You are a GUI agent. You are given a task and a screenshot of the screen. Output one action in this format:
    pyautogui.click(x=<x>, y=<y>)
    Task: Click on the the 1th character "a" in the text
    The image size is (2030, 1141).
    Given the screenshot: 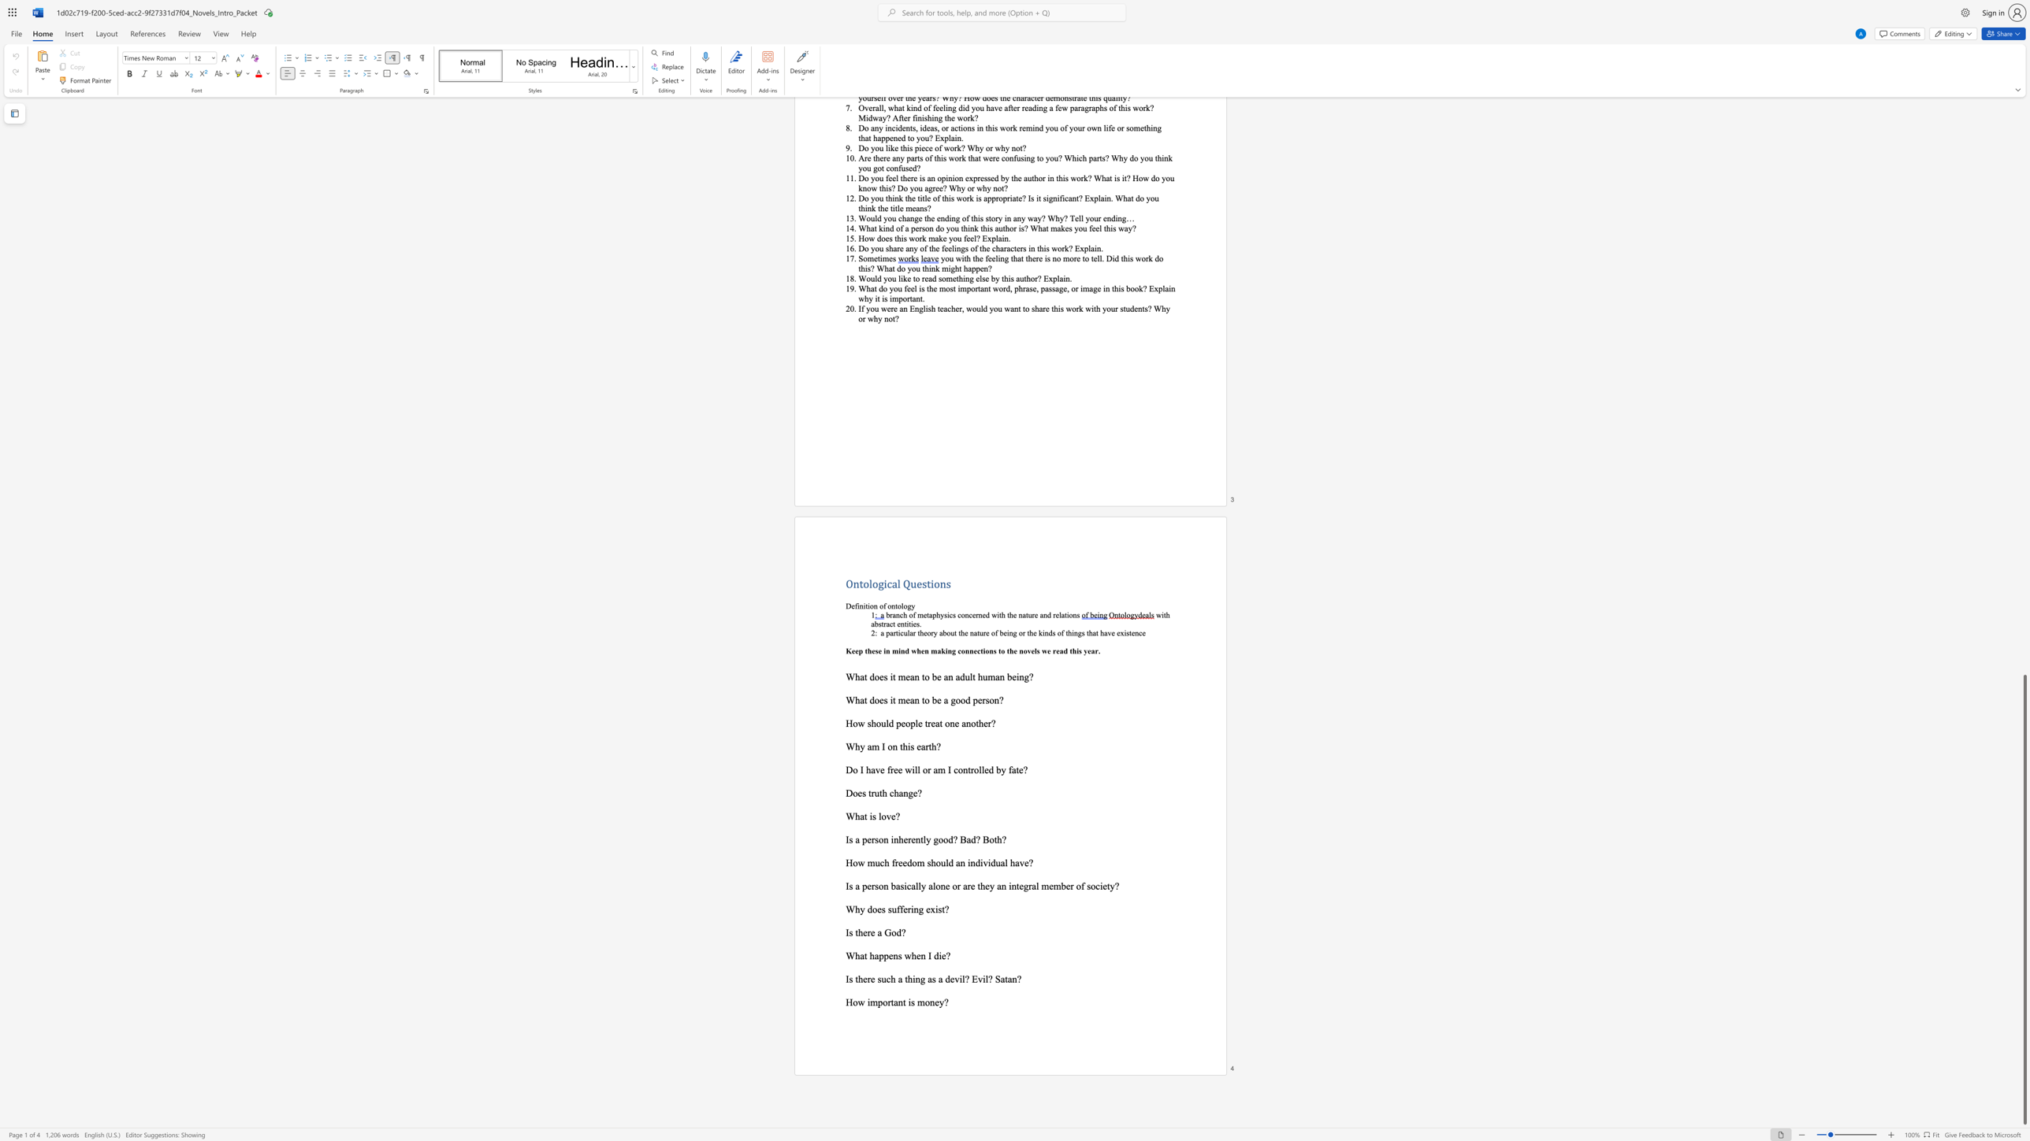 What is the action you would take?
    pyautogui.click(x=861, y=956)
    